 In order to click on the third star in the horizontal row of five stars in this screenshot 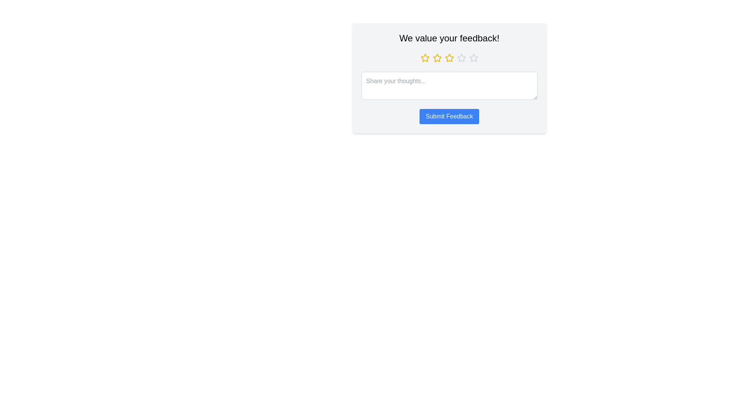, I will do `click(437, 58)`.